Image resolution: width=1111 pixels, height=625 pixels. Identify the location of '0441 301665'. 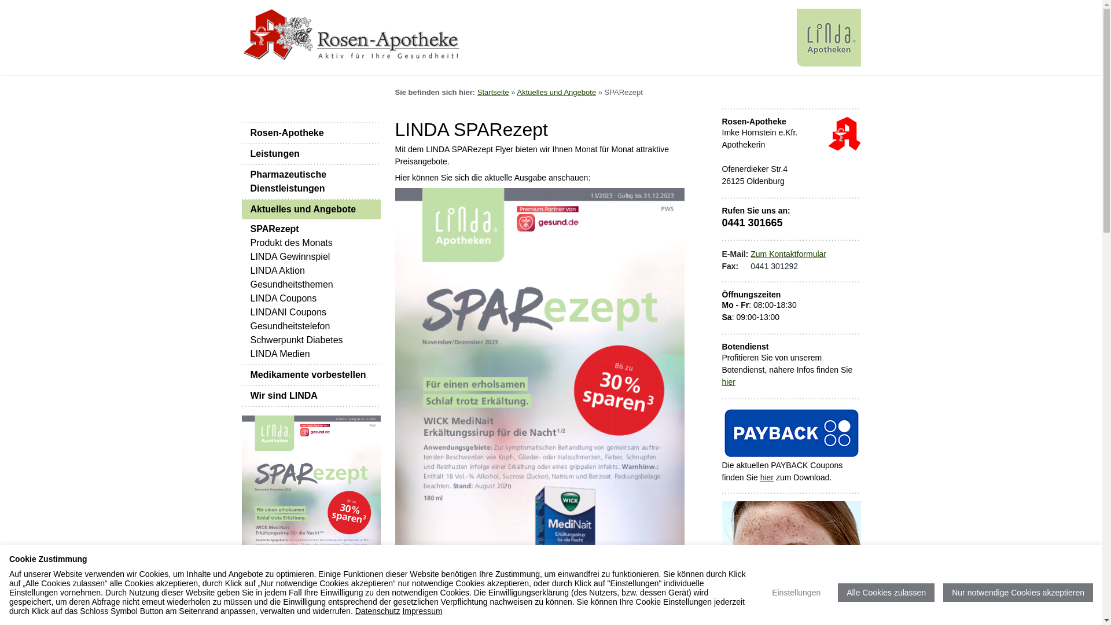
(752, 223).